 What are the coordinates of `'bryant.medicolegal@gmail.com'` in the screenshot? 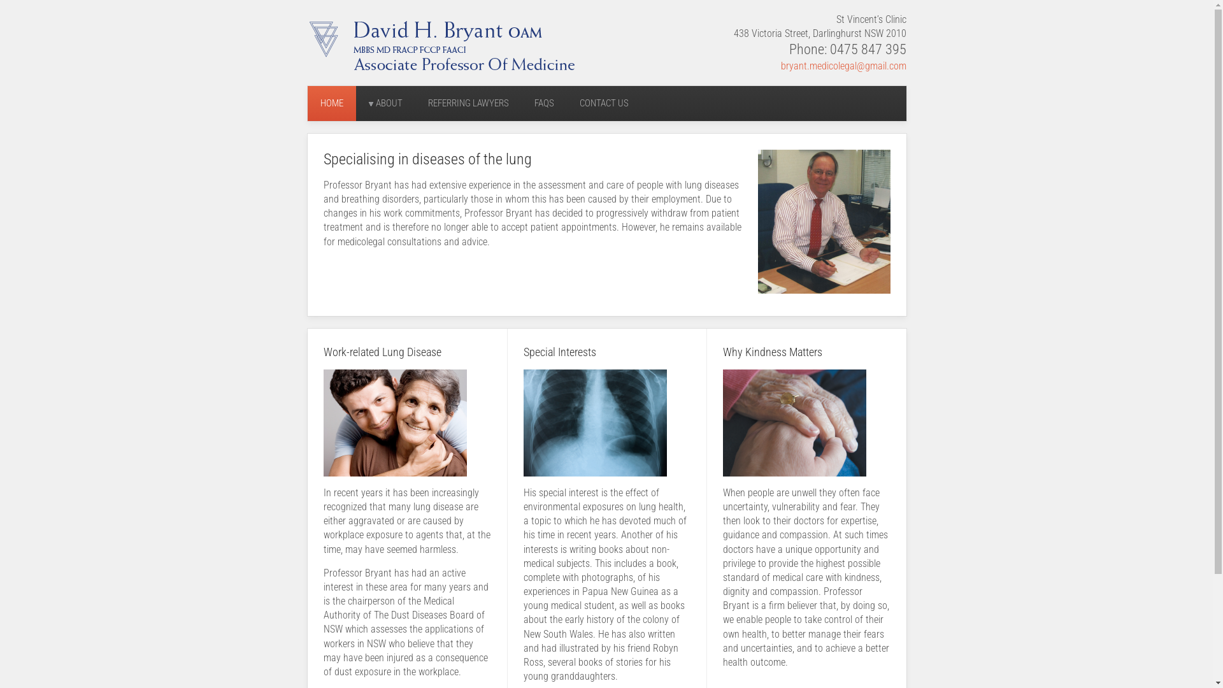 It's located at (843, 66).